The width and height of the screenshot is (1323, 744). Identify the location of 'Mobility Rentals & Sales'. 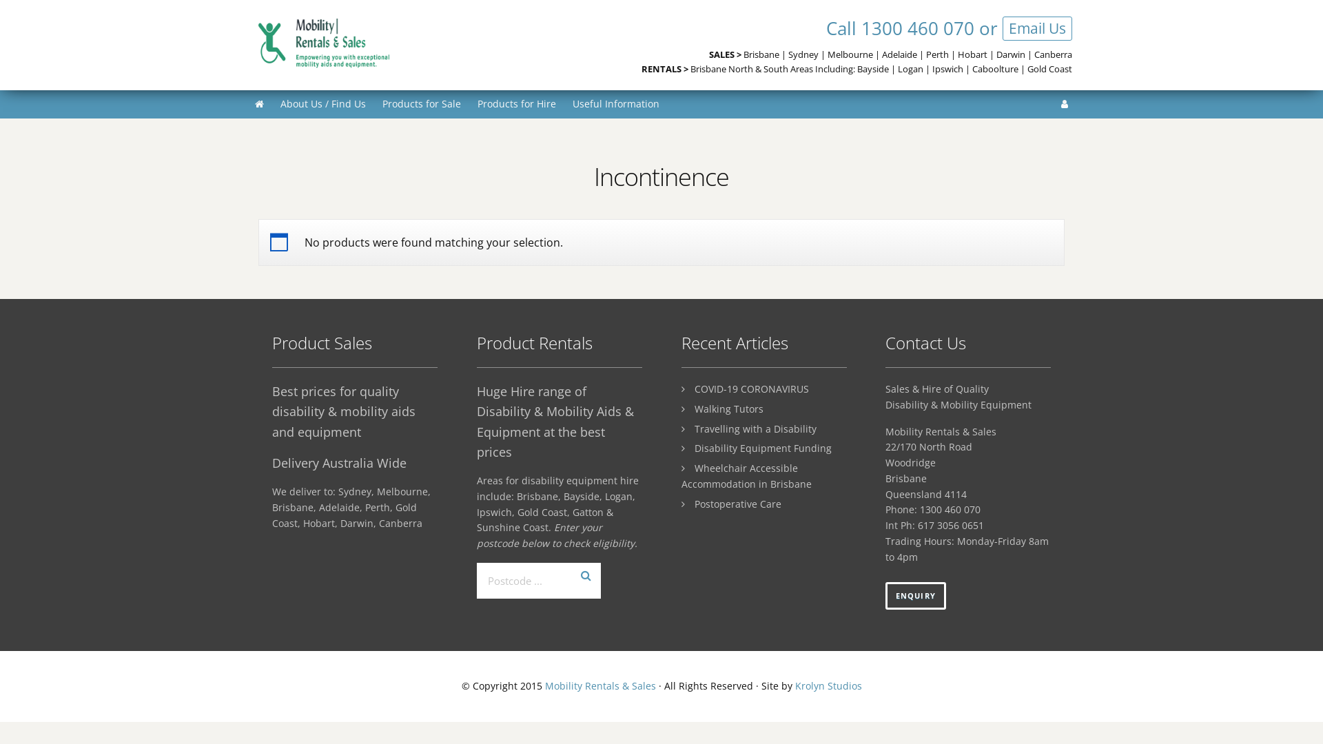
(544, 685).